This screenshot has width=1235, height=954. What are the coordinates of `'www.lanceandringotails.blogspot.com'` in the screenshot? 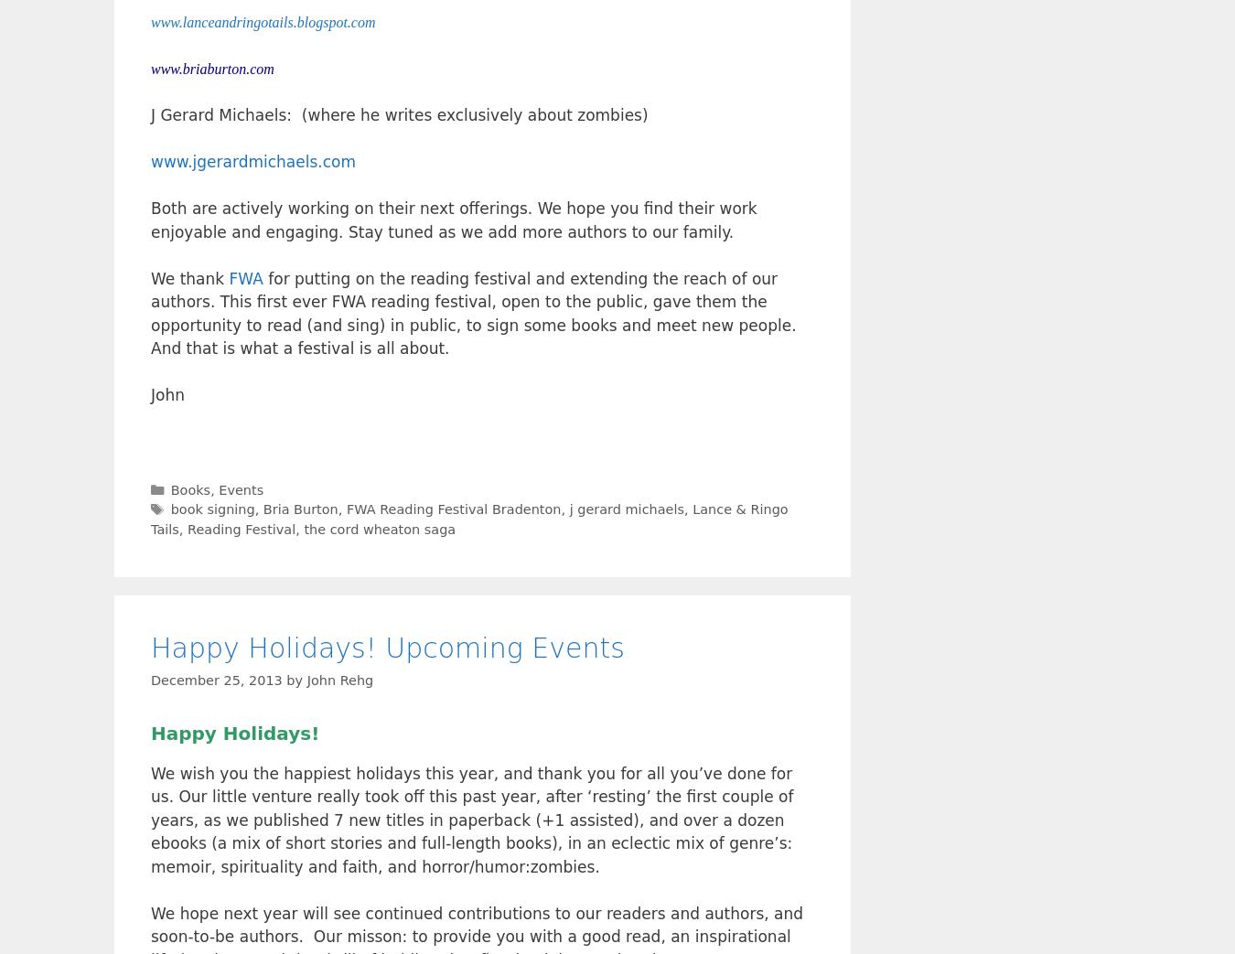 It's located at (262, 21).